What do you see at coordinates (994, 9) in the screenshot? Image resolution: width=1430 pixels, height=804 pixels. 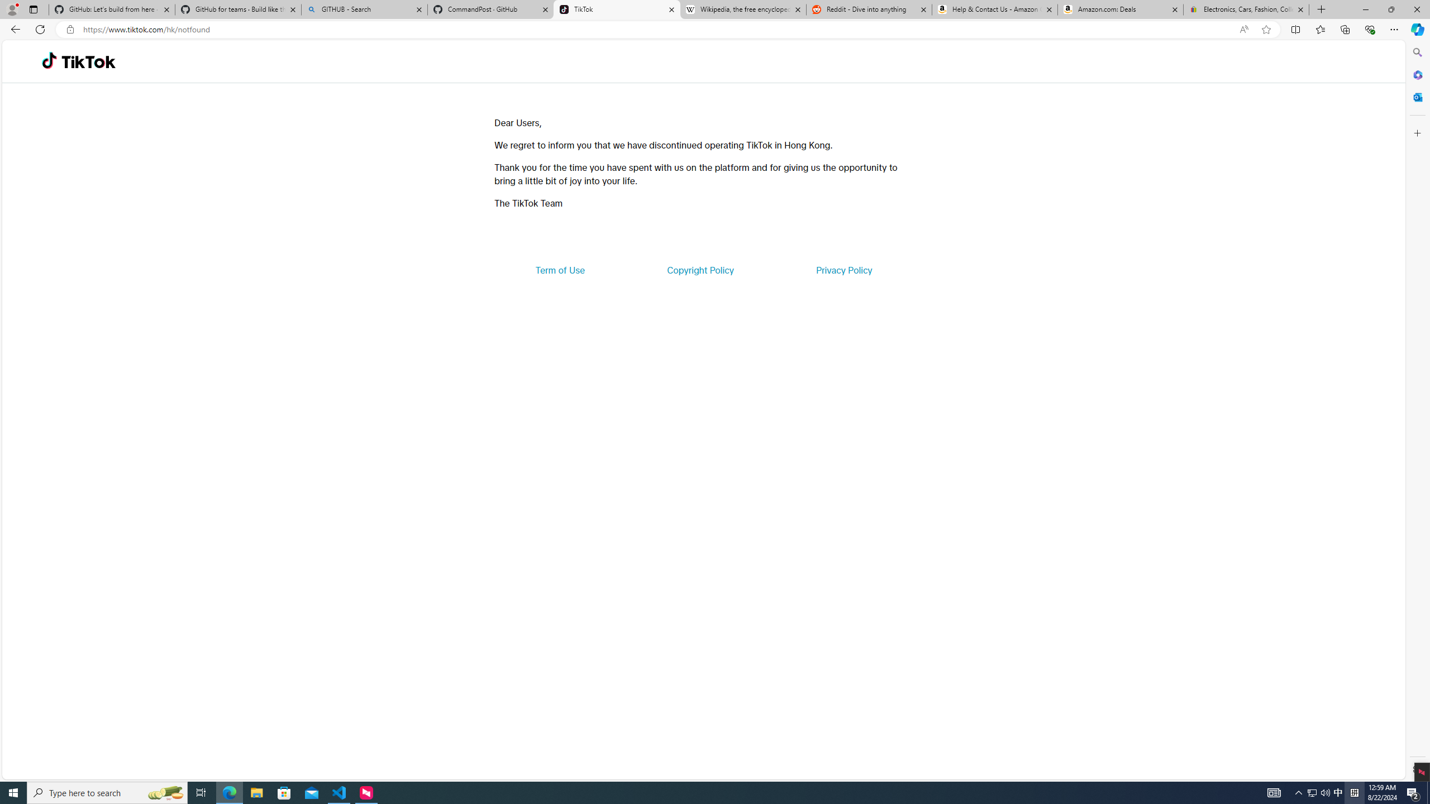 I see `'Help & Contact Us - Amazon Customer Service'` at bounding box center [994, 9].